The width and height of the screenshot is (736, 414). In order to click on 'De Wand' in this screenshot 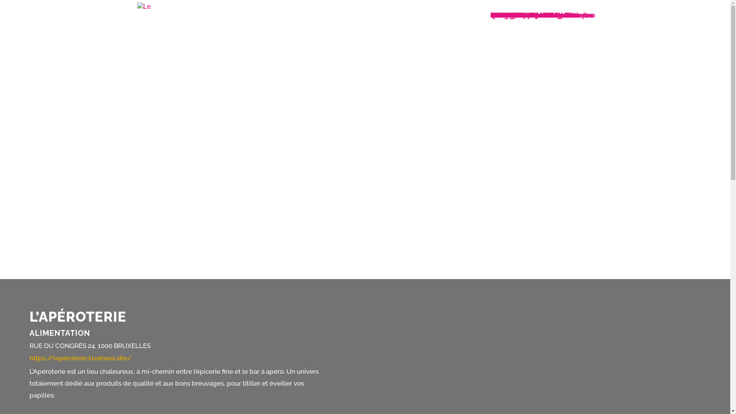, I will do `click(504, 15)`.